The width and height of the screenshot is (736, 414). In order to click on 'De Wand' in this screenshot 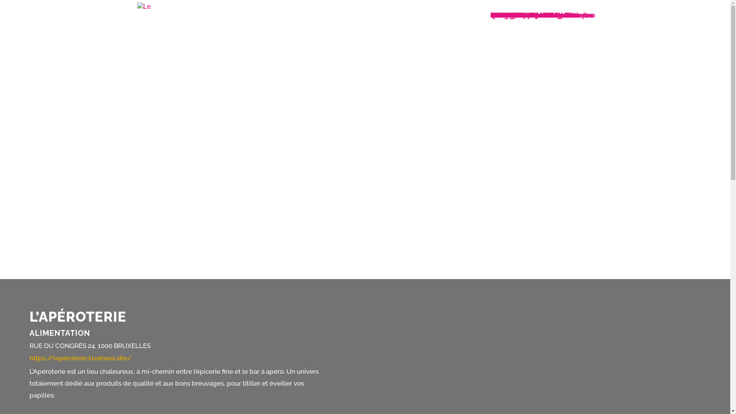, I will do `click(504, 15)`.